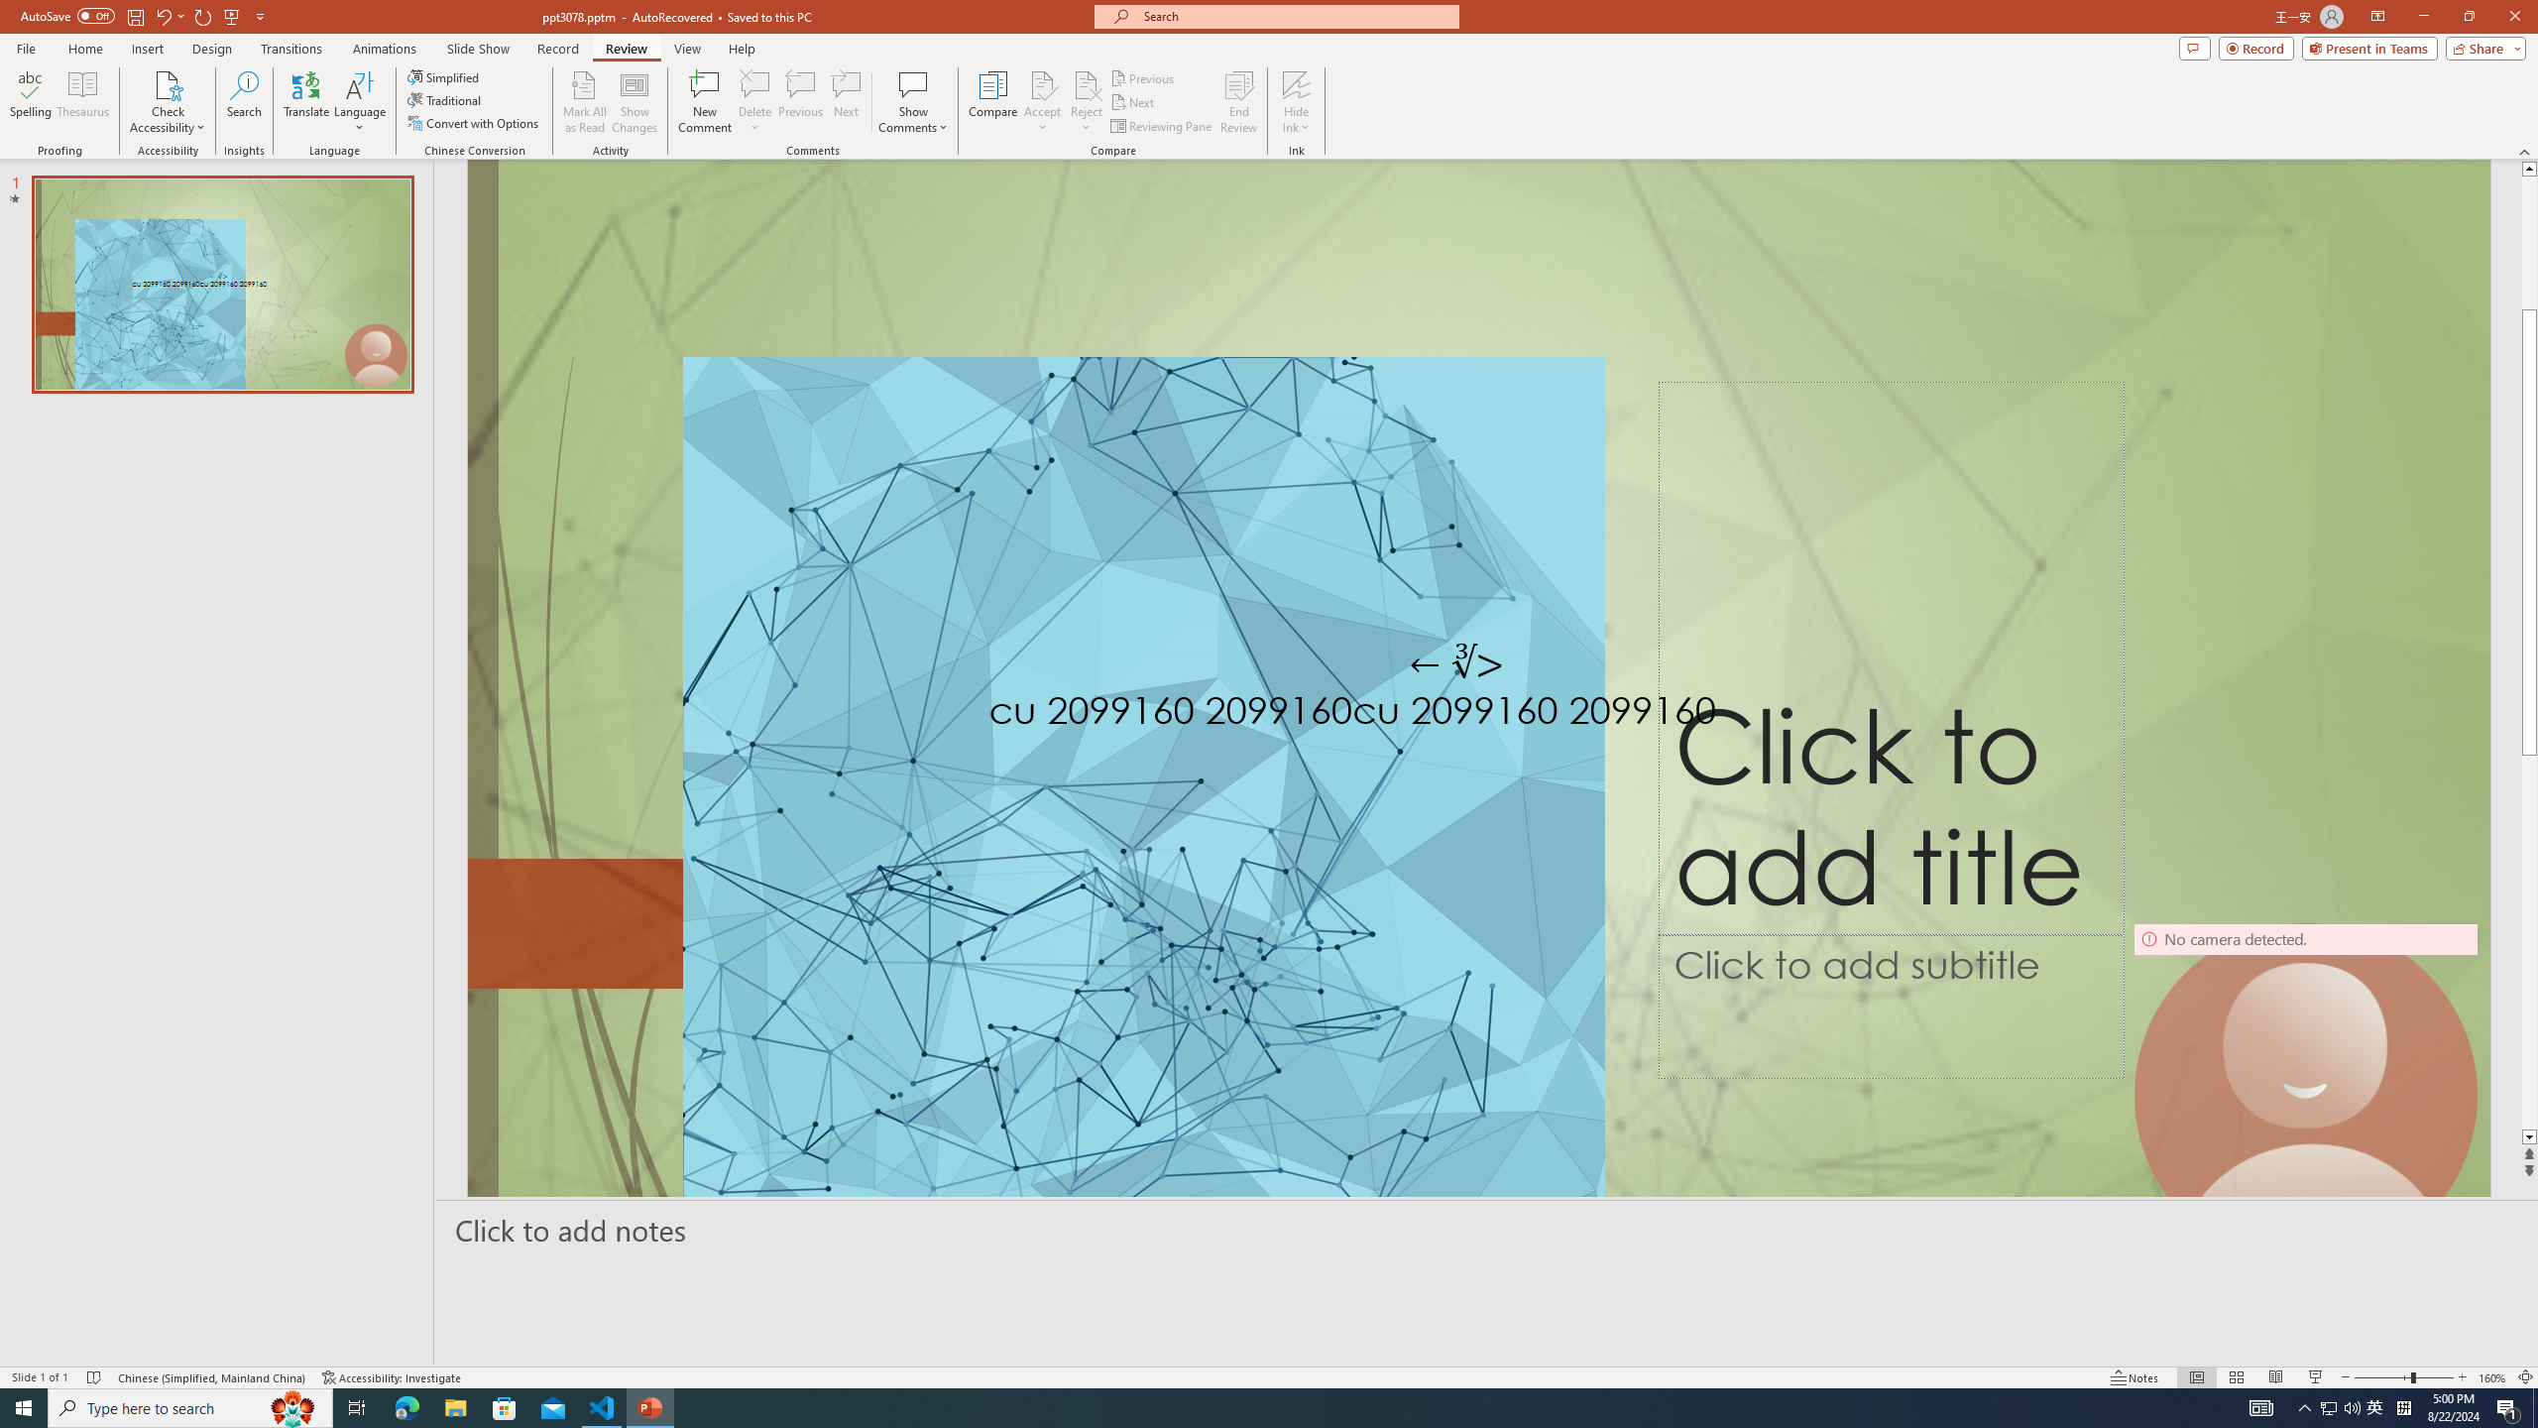 This screenshot has height=1428, width=2538. What do you see at coordinates (359, 102) in the screenshot?
I see `'Language'` at bounding box center [359, 102].